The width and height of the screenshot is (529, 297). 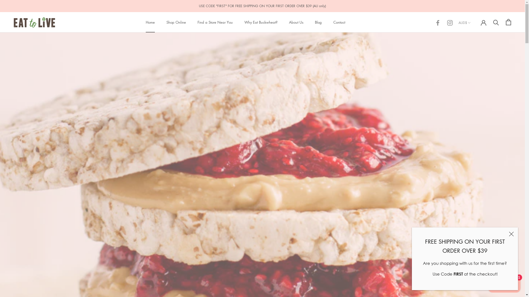 I want to click on 'Find a Store Near You, so click(x=214, y=22).